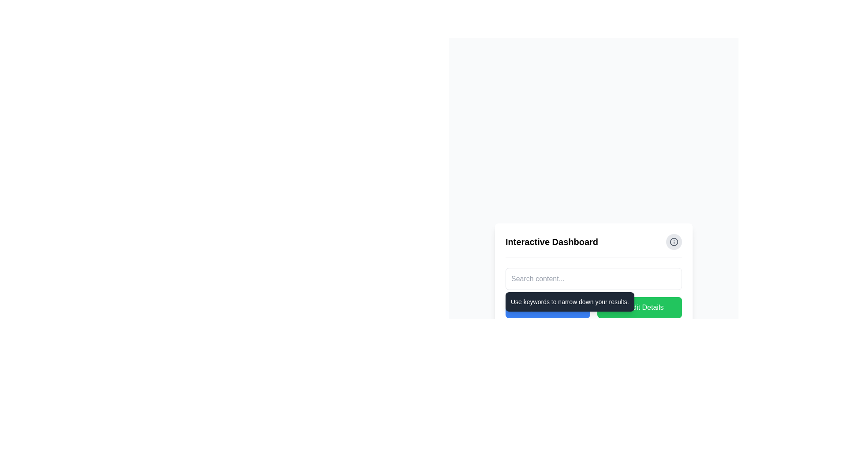  What do you see at coordinates (547, 307) in the screenshot?
I see `the 'Add Data' button located to the left of the 'Edit Details' button` at bounding box center [547, 307].